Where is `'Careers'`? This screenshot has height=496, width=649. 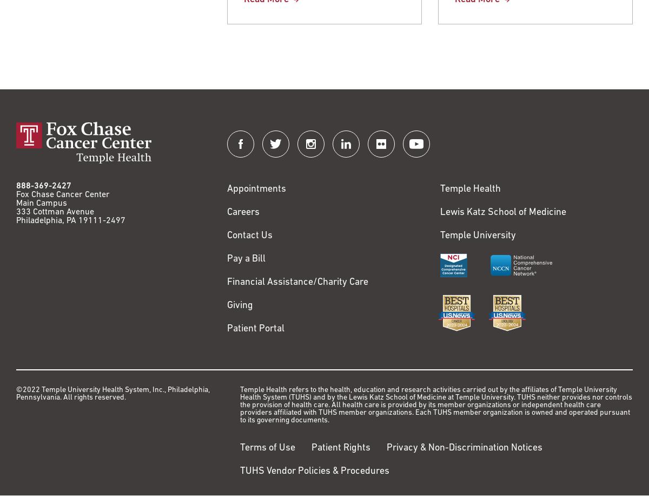 'Careers' is located at coordinates (243, 212).